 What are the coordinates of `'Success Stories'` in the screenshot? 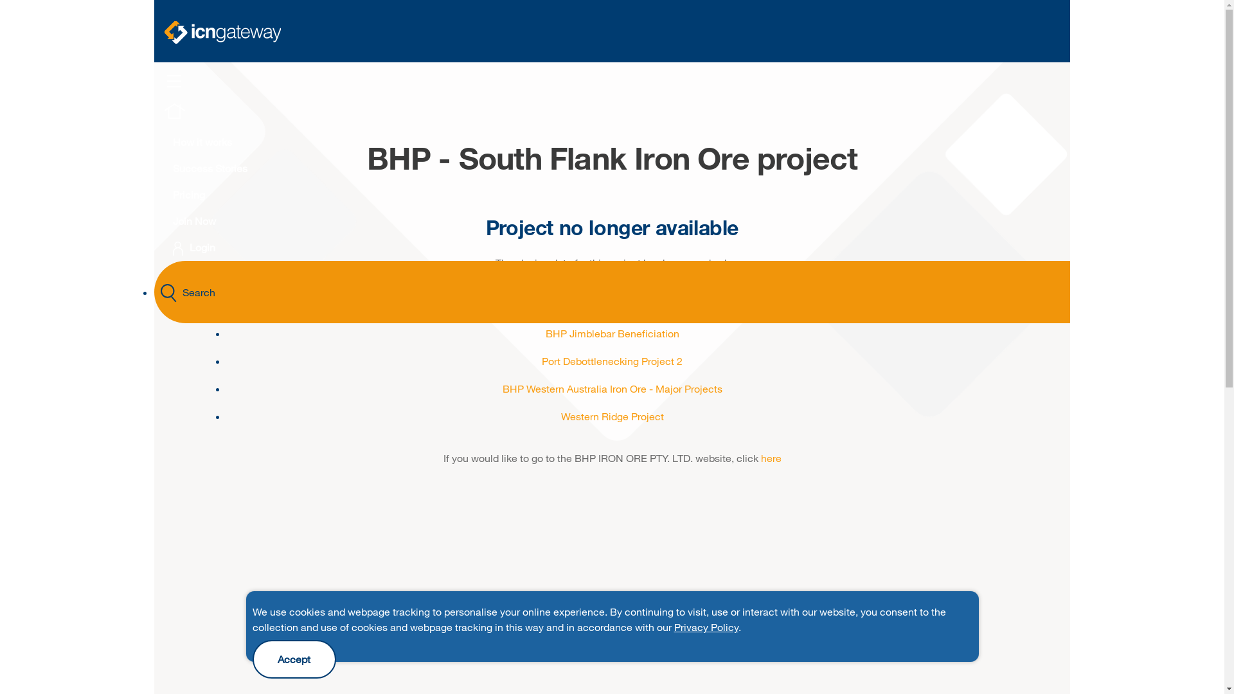 It's located at (210, 167).